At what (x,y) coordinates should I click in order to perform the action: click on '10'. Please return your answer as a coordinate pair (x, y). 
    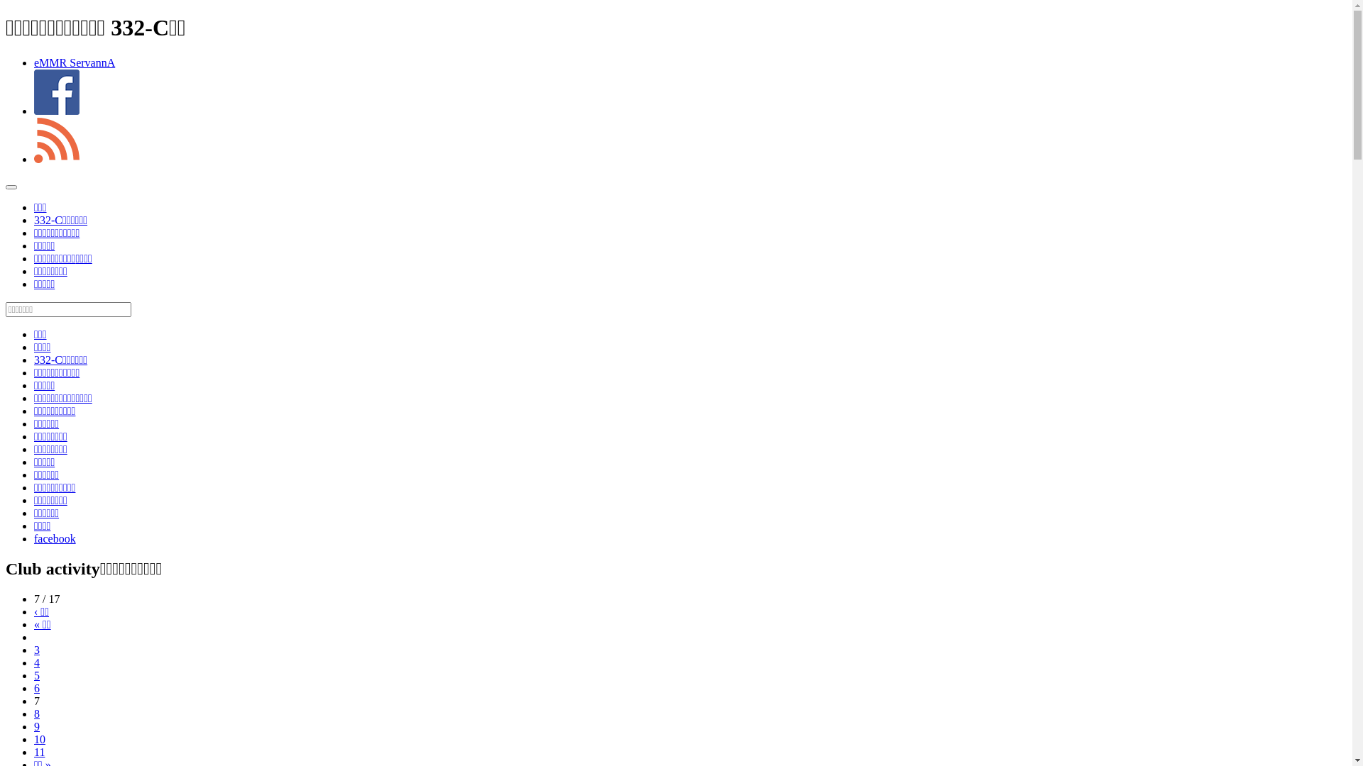
    Looking at the image, I should click on (40, 738).